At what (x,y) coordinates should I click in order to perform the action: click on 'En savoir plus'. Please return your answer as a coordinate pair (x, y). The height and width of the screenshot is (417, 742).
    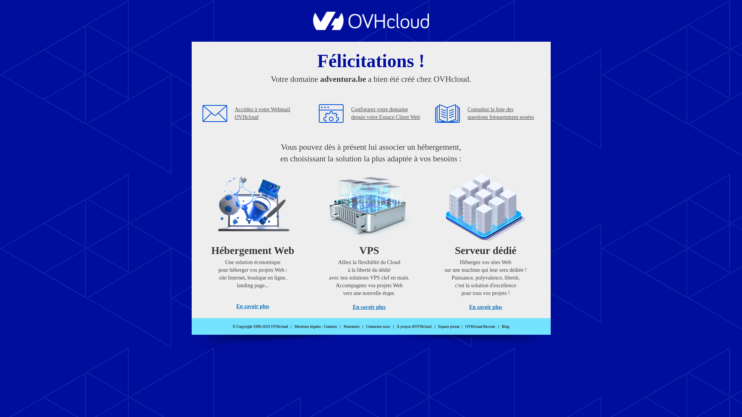
    Looking at the image, I should click on (235, 306).